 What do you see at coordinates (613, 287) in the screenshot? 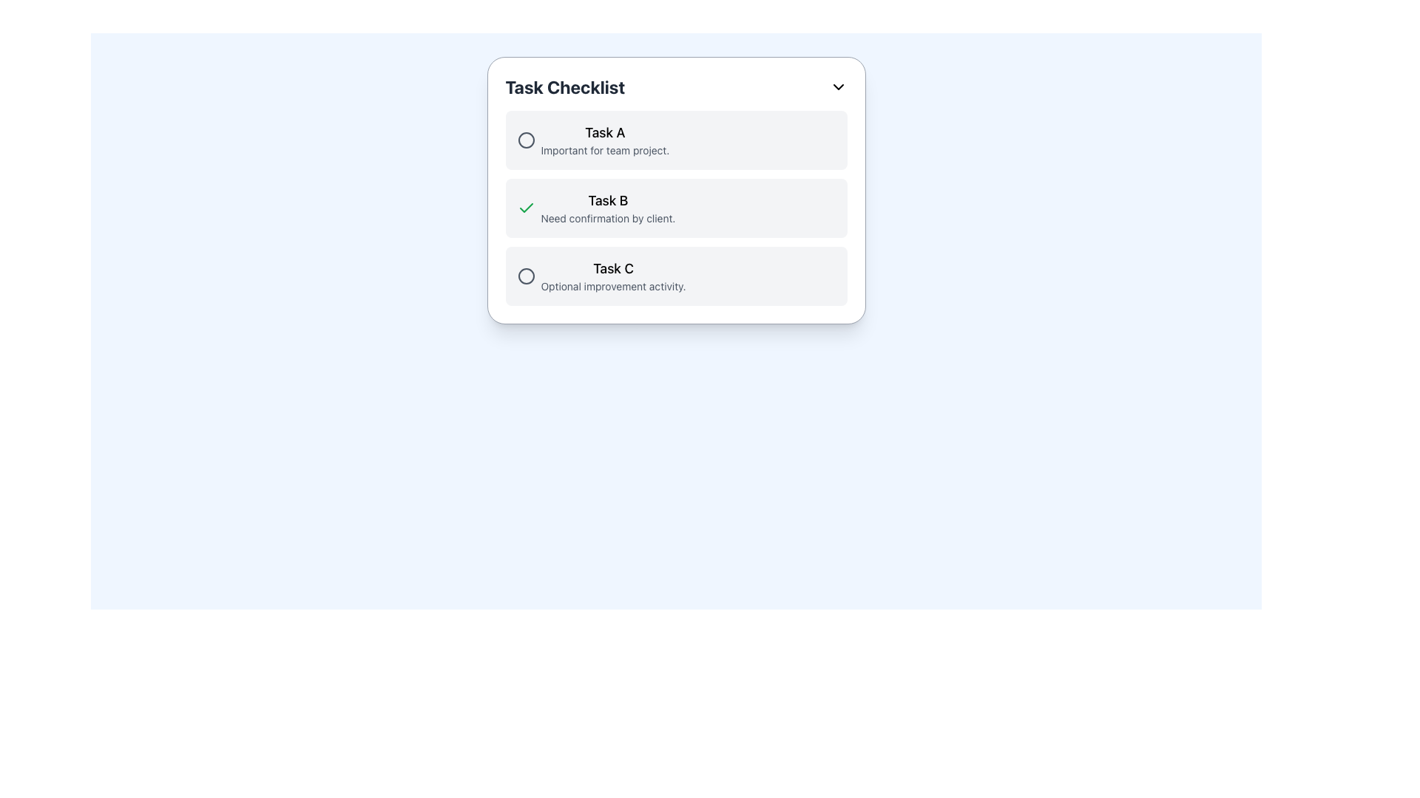
I see `the Text Label that provides additional information for 'Task C' in the checklist, located below the 'Task C' heading` at bounding box center [613, 287].